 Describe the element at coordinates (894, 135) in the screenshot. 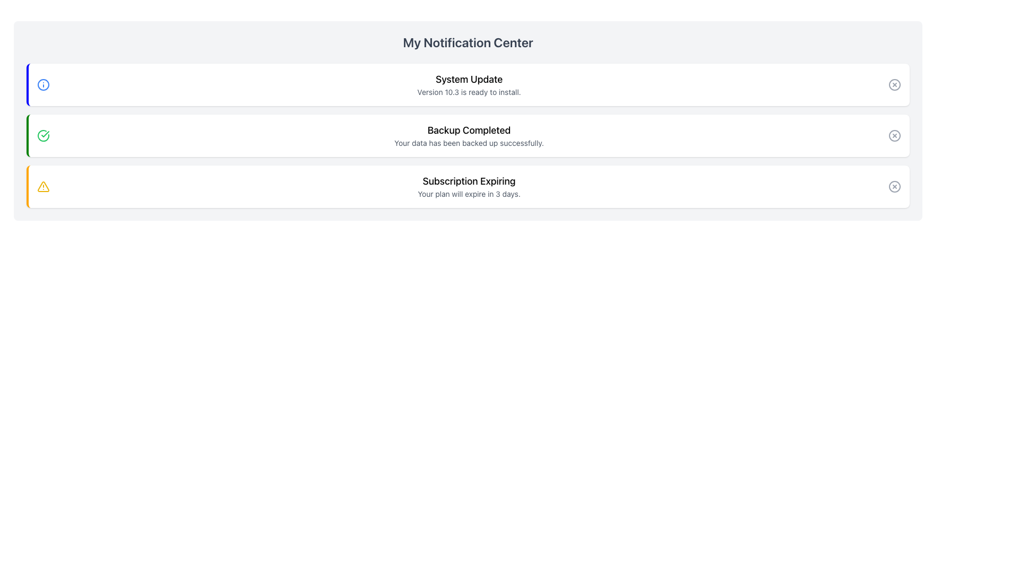

I see `the icon button located in the top-right corner of the 'Backup Completed' notification card` at that location.